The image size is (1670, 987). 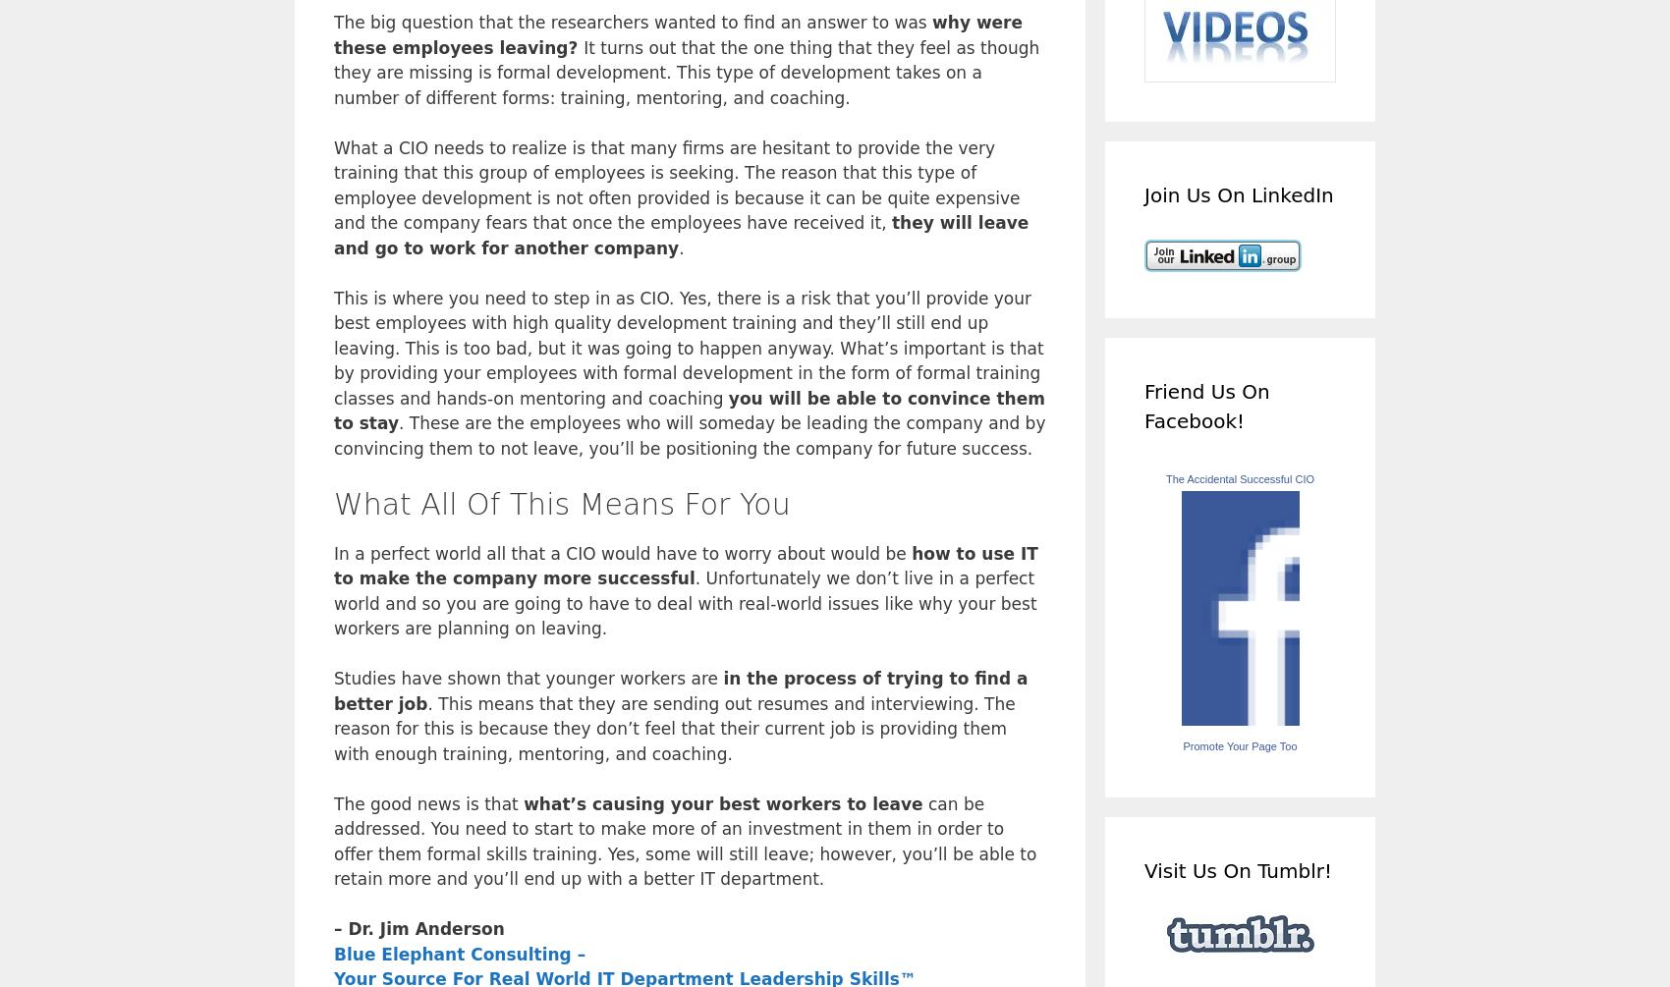 What do you see at coordinates (678, 34) in the screenshot?
I see `'why were these employees leaving?'` at bounding box center [678, 34].